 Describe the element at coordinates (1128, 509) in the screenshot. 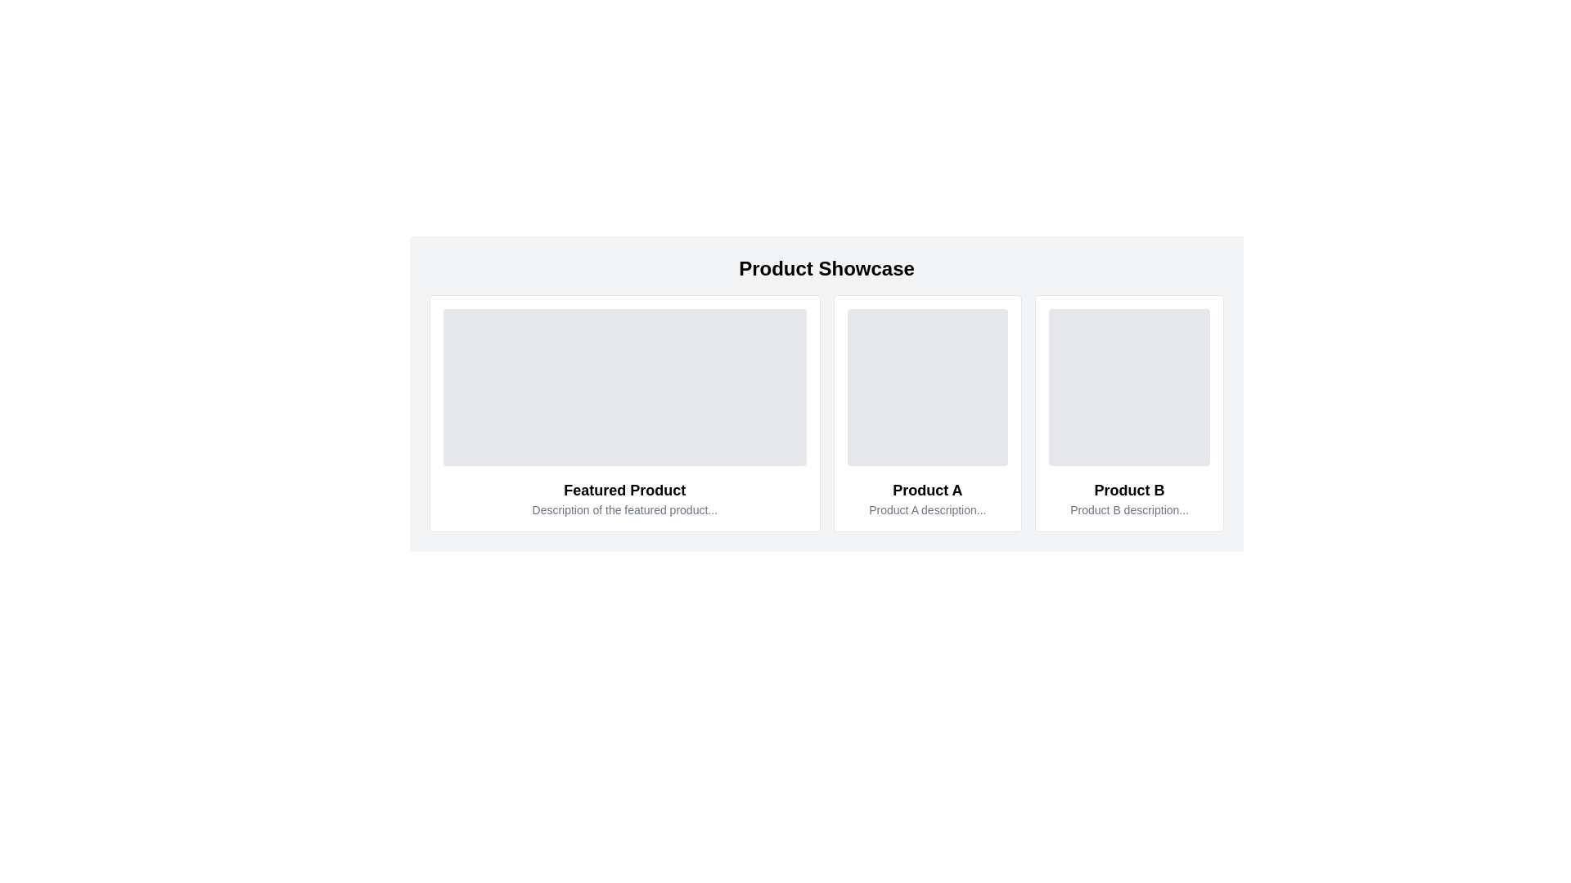

I see `the text label displaying 'Product B description...' located within the card for 'Product B'` at that location.